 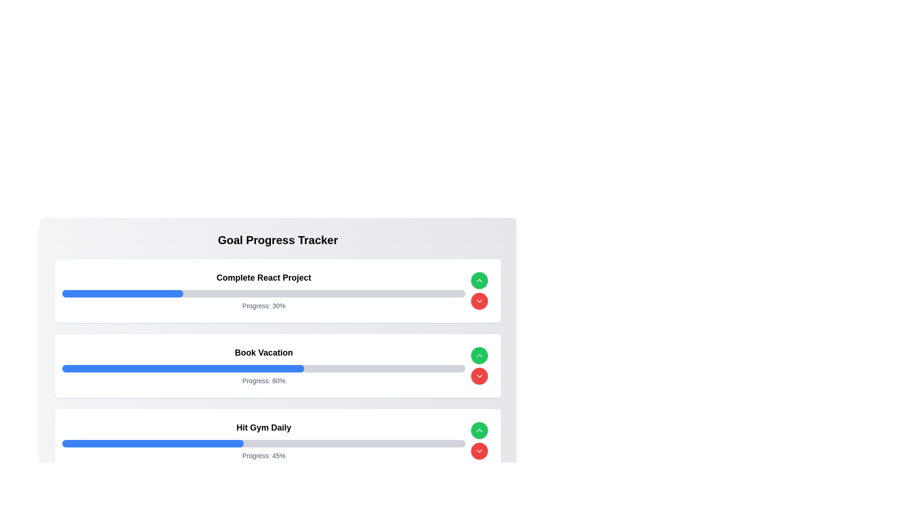 I want to click on the upward chevron button adjacent to the progress bar for the 'Hit Gym Daily' task, so click(x=479, y=430).